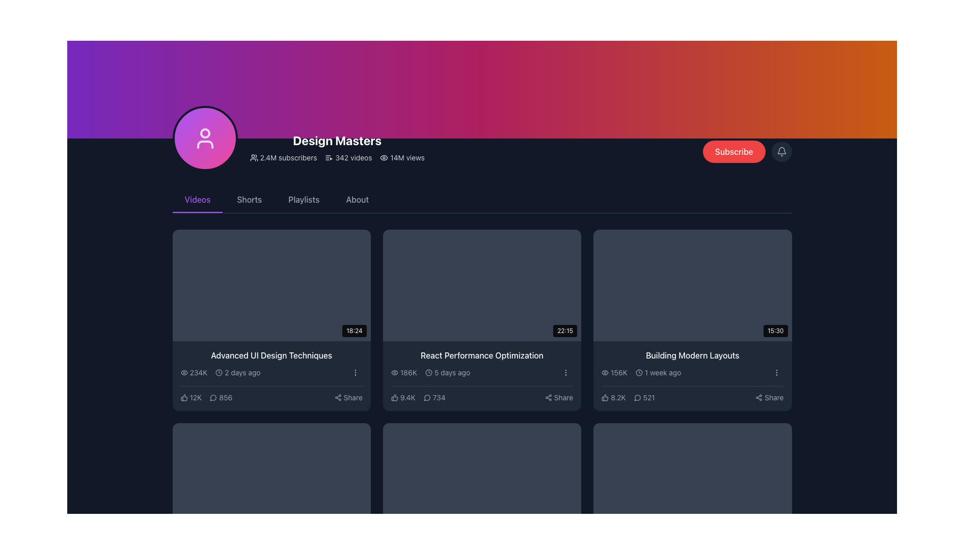 The height and width of the screenshot is (550, 978). Describe the element at coordinates (430, 373) in the screenshot. I see `the metadata display group showing '186K' and '5 days ago' beneath the 'React Performance Optimization' video thumbnail to possibly see a tooltip or further information` at that location.